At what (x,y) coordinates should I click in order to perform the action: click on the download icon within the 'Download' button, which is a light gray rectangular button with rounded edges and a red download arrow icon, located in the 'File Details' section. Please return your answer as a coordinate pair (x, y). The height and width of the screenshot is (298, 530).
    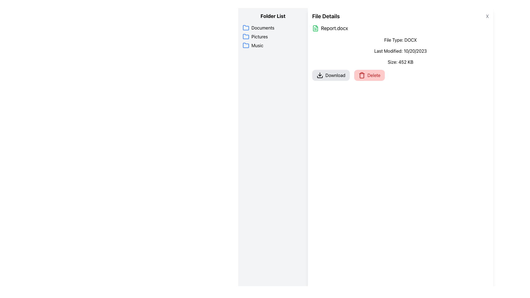
    Looking at the image, I should click on (320, 77).